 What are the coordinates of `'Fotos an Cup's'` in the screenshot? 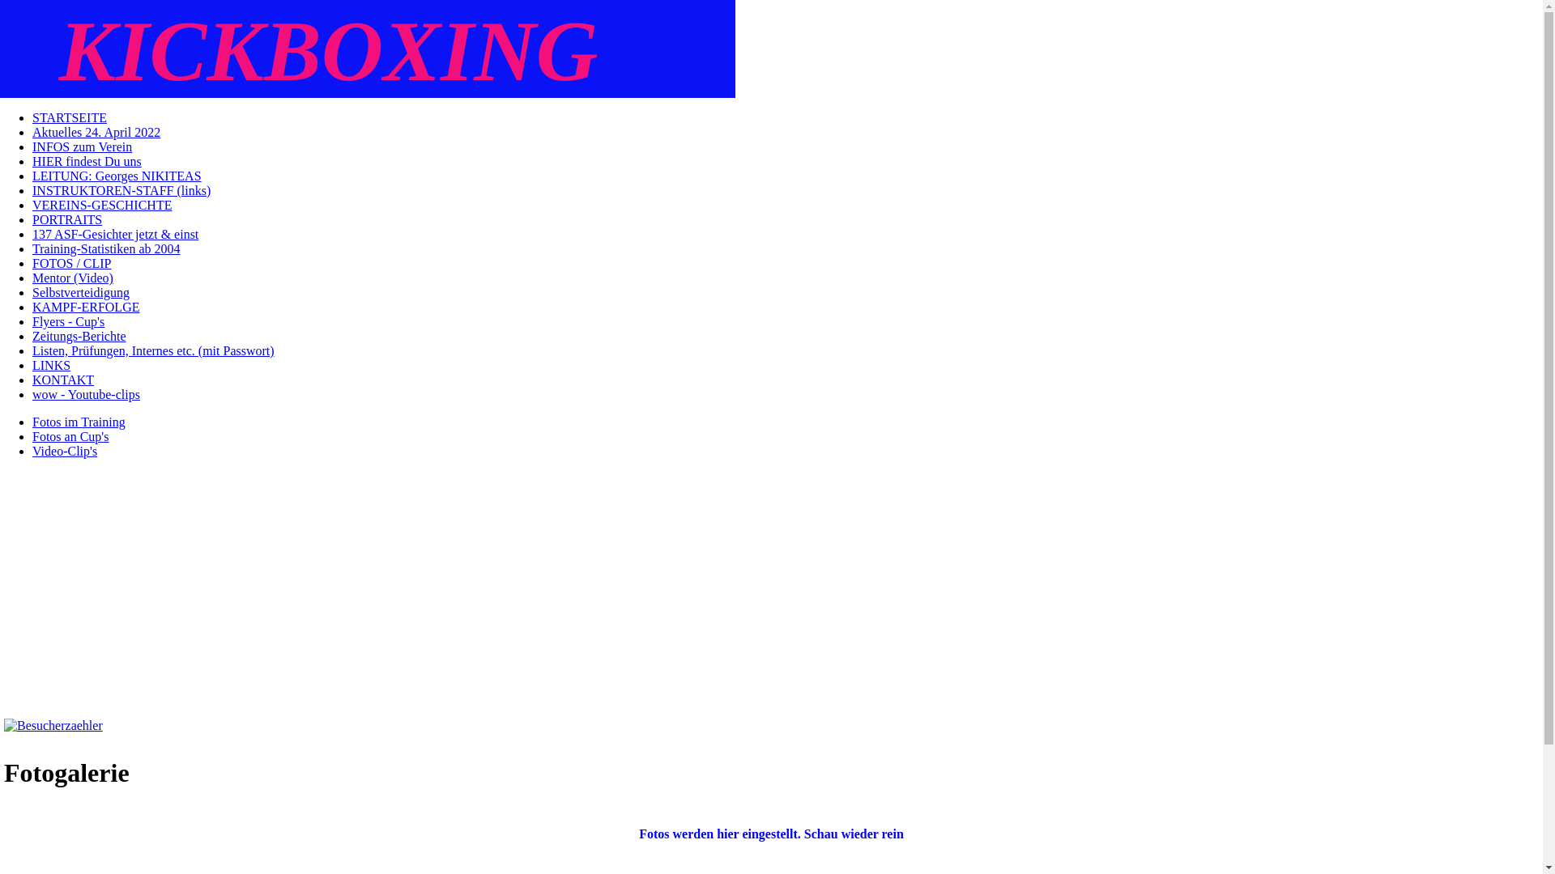 It's located at (69, 435).